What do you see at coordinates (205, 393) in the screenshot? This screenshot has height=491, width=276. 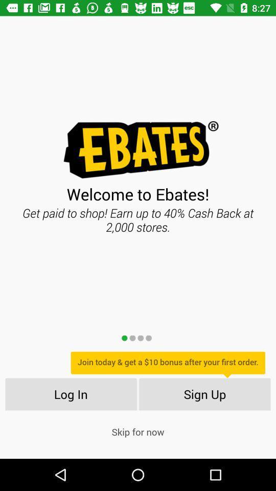 I see `item next to log in` at bounding box center [205, 393].